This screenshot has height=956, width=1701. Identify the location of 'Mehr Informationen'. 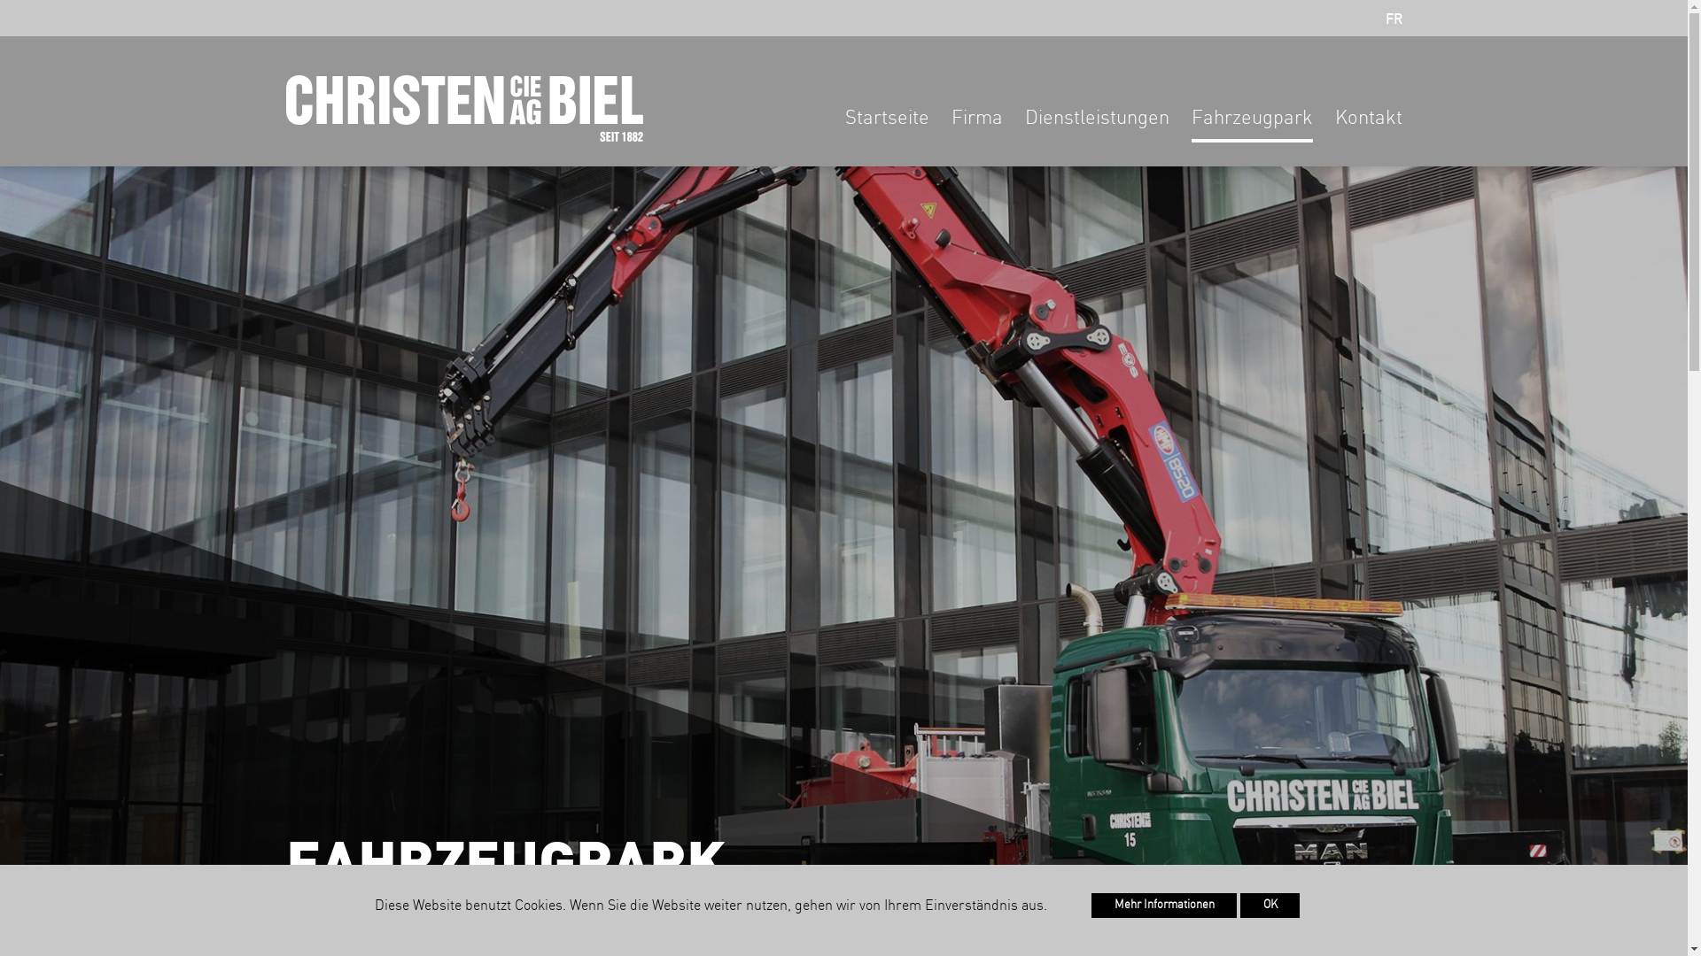
(1164, 905).